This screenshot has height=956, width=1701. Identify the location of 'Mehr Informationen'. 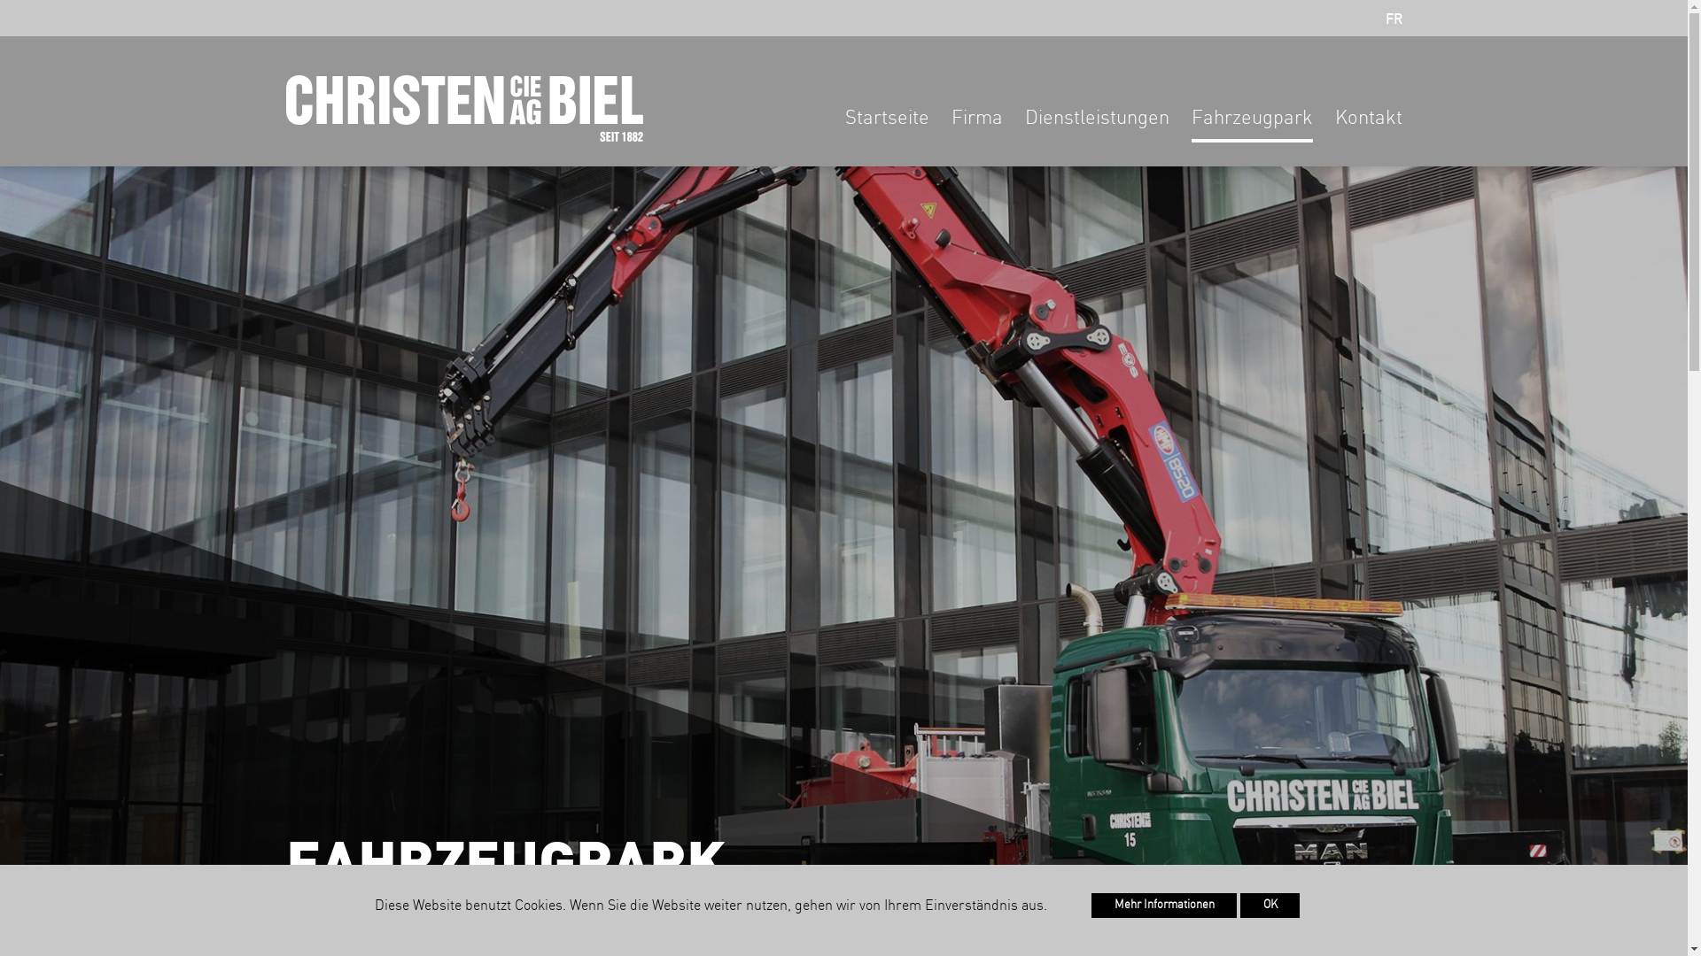
(1164, 905).